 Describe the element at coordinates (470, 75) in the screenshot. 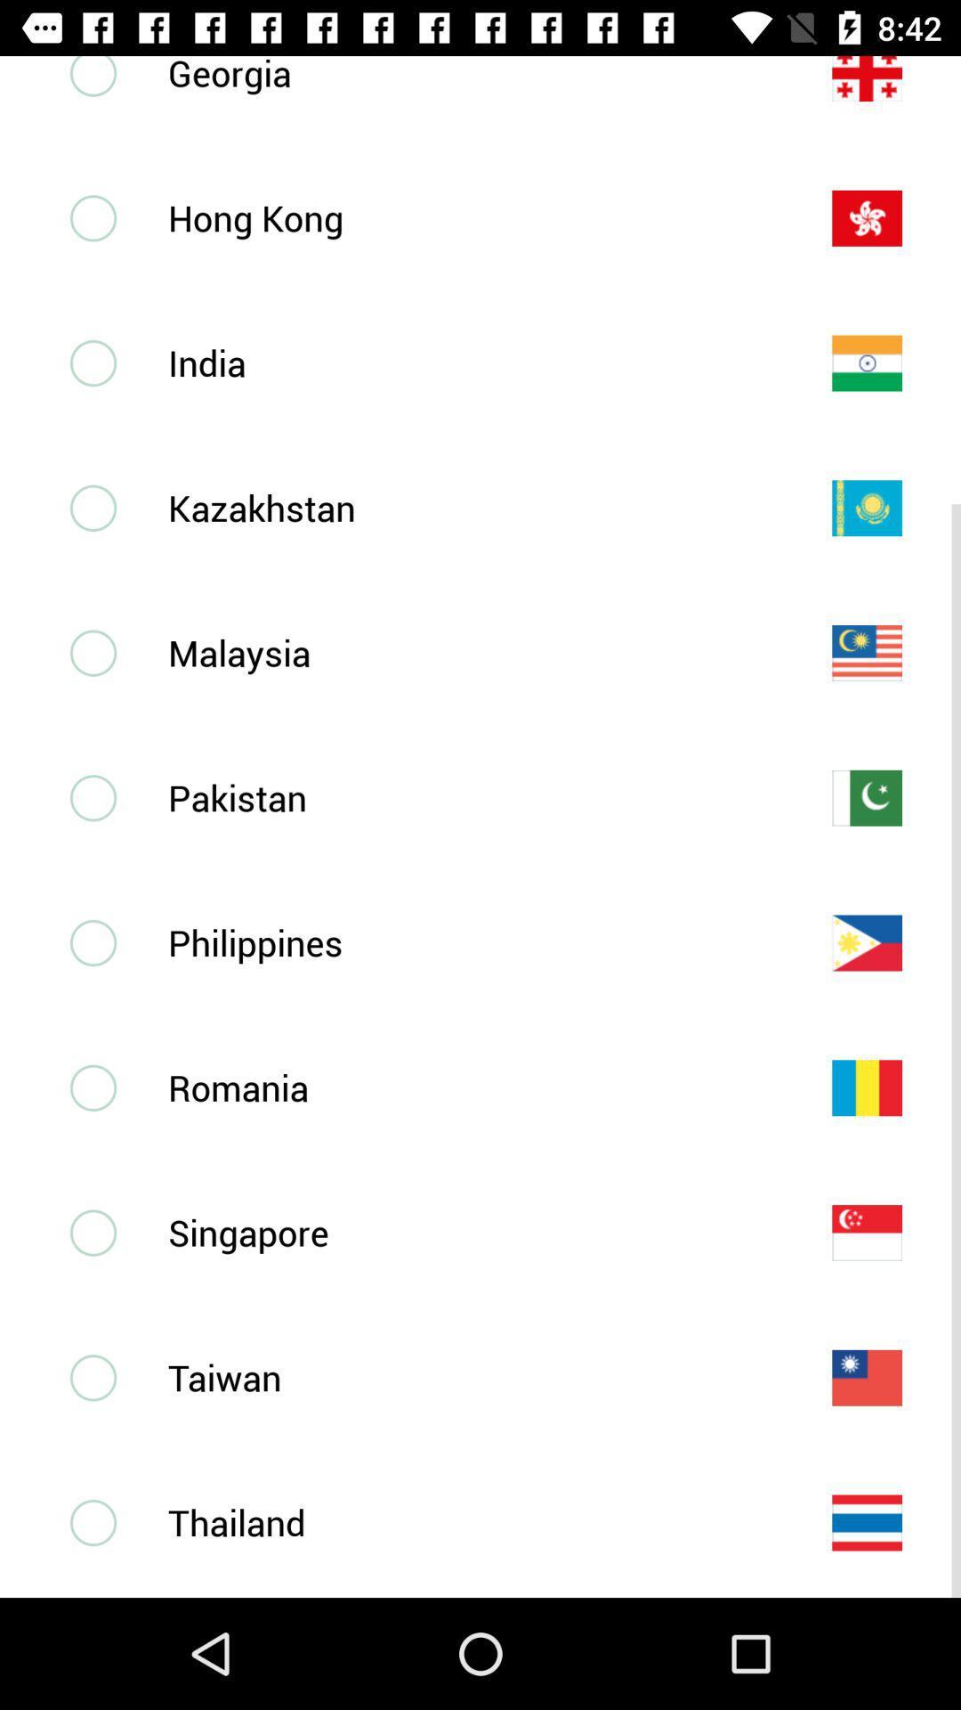

I see `georgia` at that location.